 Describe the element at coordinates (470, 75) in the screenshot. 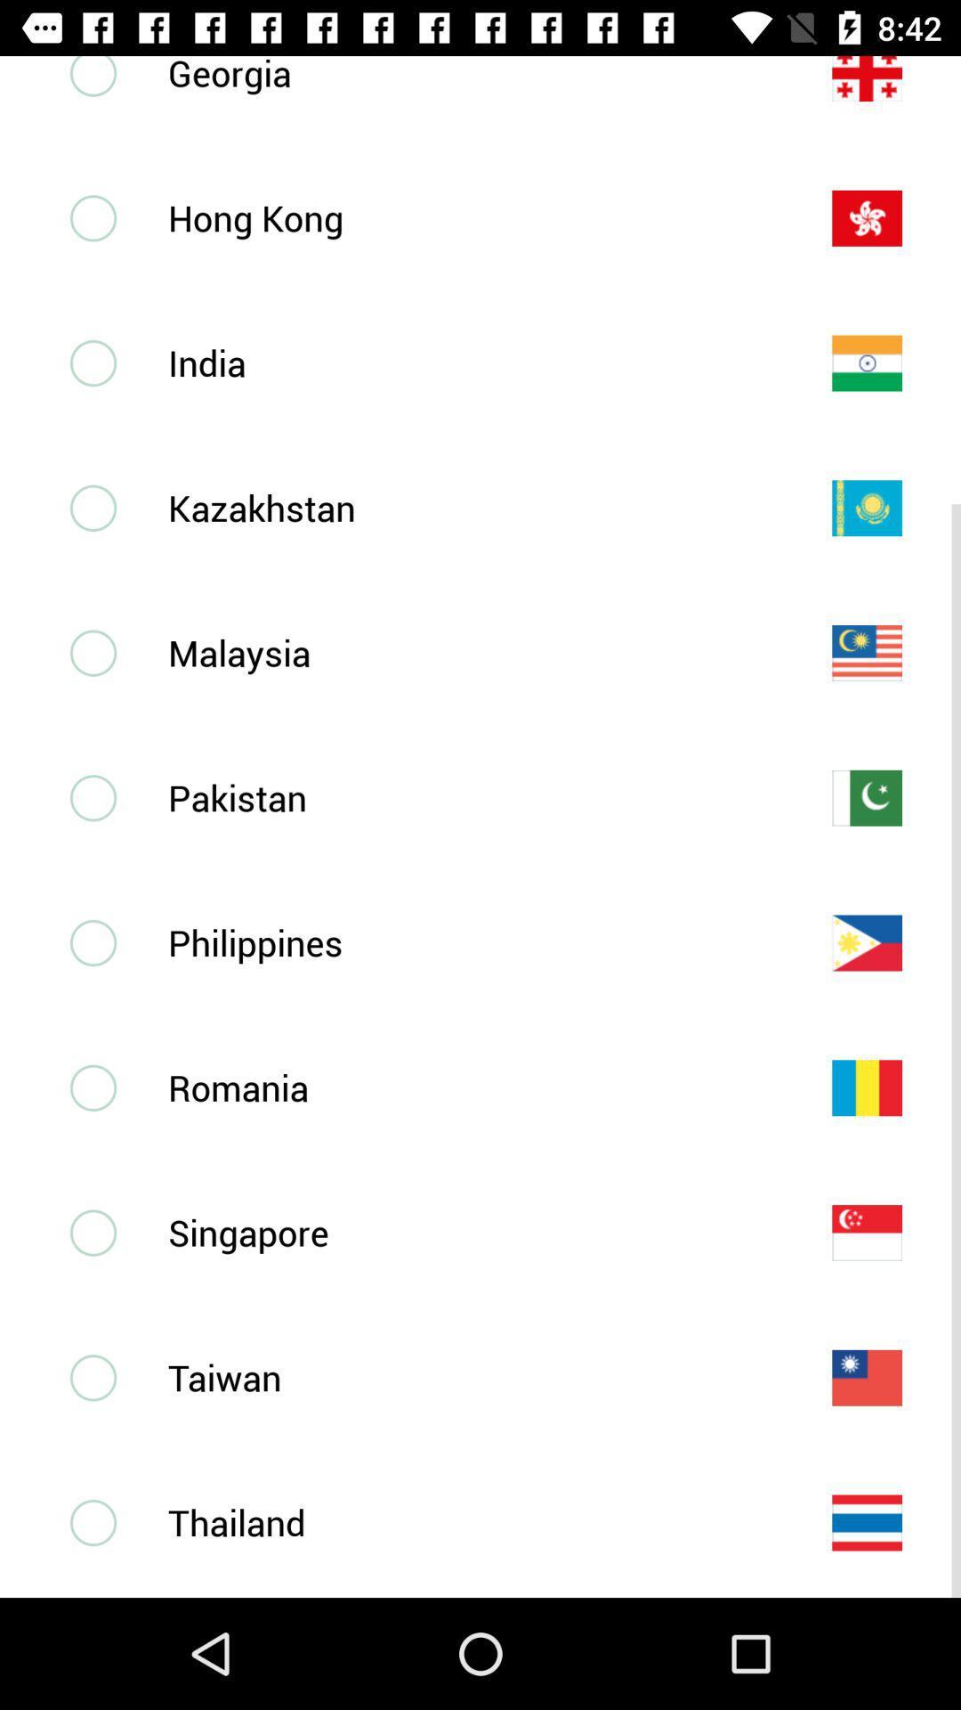

I see `georgia` at that location.